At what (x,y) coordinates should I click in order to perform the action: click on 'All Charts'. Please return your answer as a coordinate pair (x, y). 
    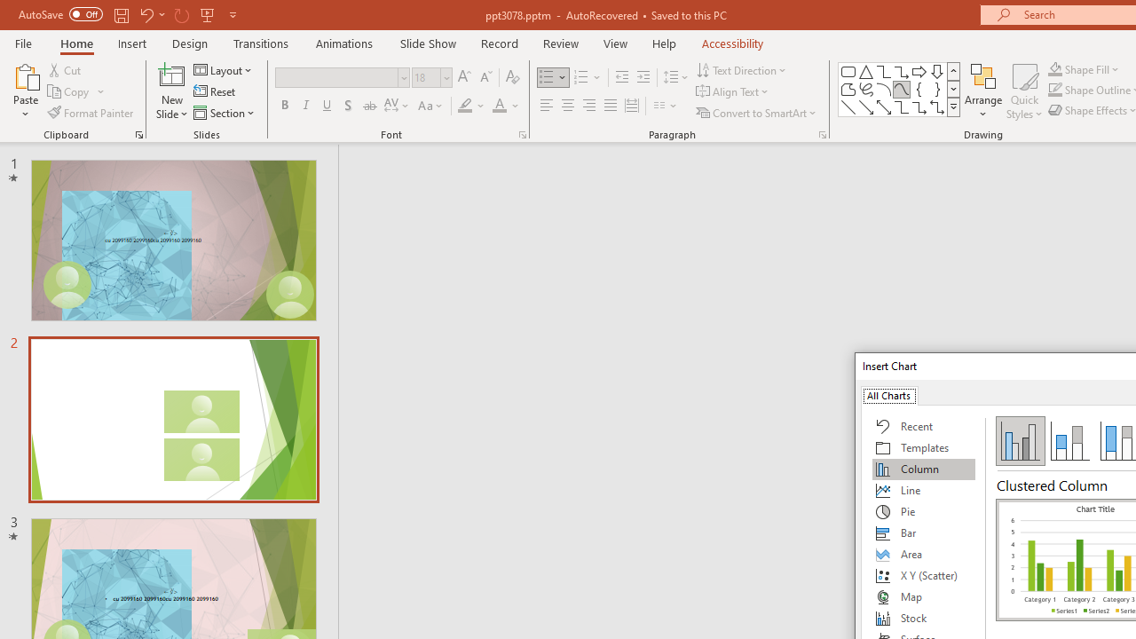
    Looking at the image, I should click on (888, 394).